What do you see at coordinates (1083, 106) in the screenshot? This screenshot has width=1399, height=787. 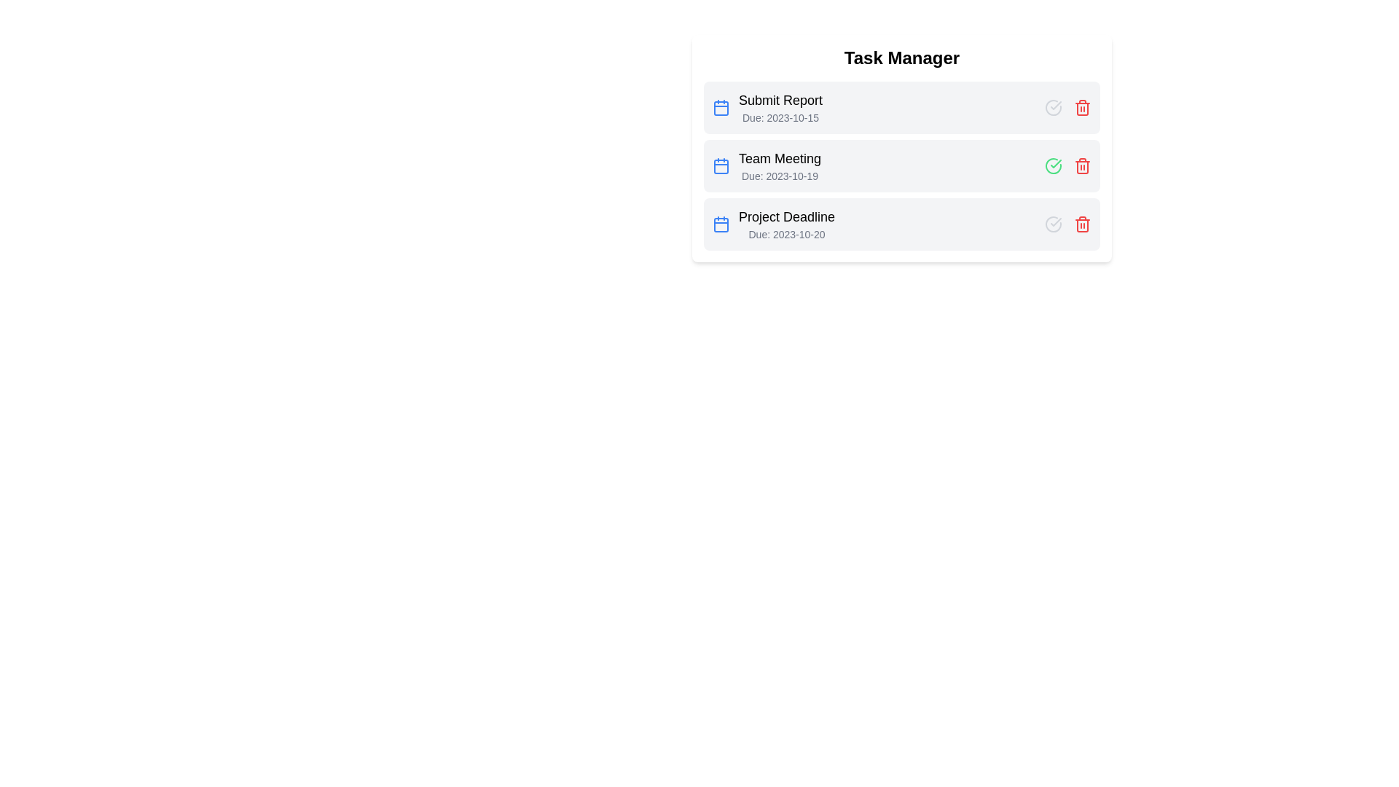 I see `'Remove task' button for the task titled 'Submit Report'` at bounding box center [1083, 106].